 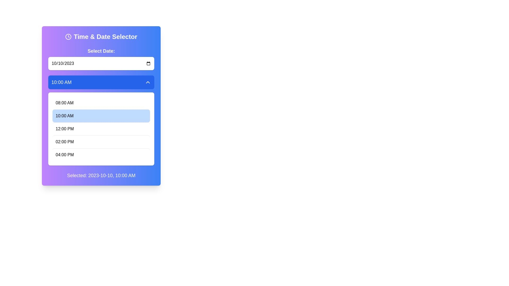 What do you see at coordinates (61, 82) in the screenshot?
I see `the currently selected time display in the 'Select Date' dropdown` at bounding box center [61, 82].